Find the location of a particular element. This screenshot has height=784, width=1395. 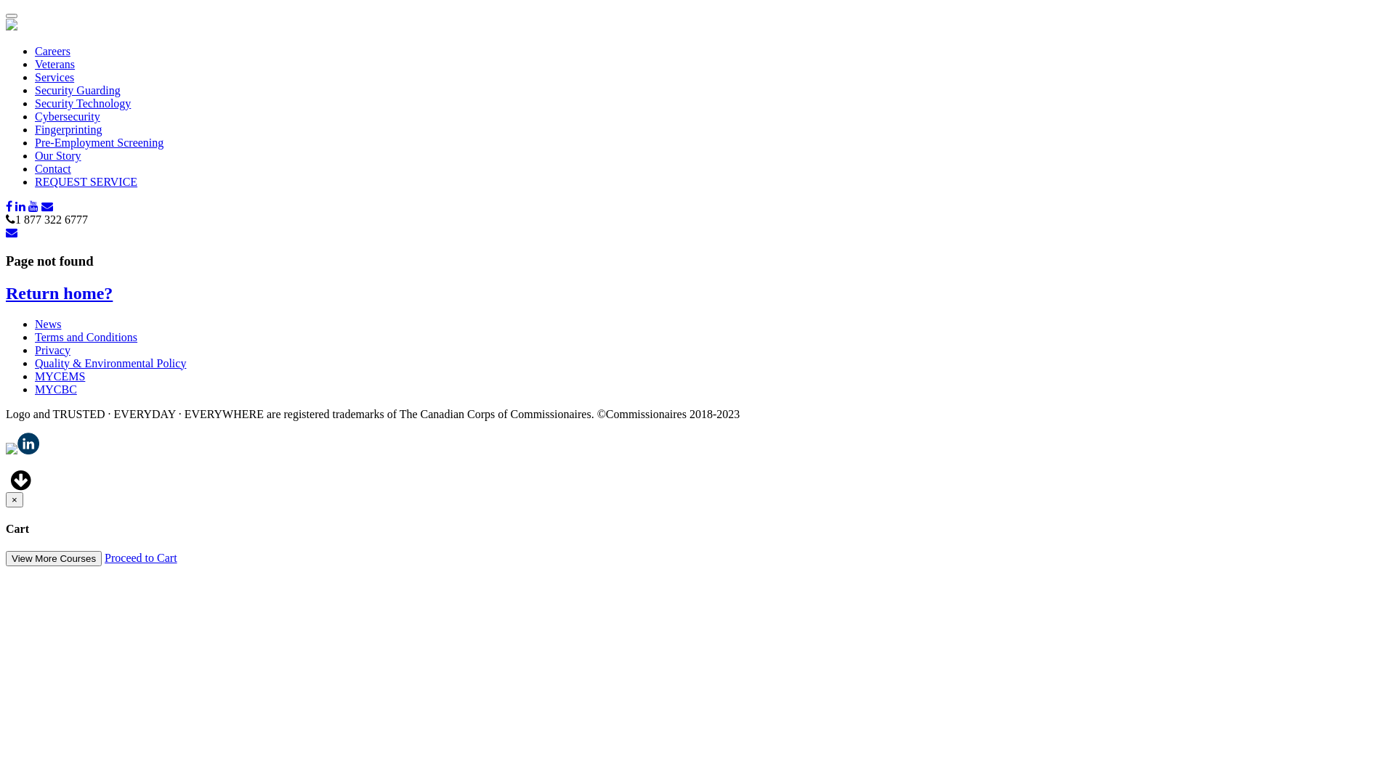

'View More Courses' is located at coordinates (53, 558).